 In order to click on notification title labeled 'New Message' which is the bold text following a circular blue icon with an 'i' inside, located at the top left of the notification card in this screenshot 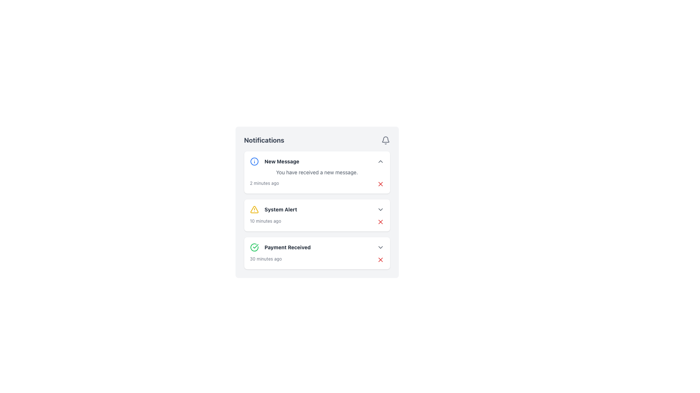, I will do `click(274, 161)`.